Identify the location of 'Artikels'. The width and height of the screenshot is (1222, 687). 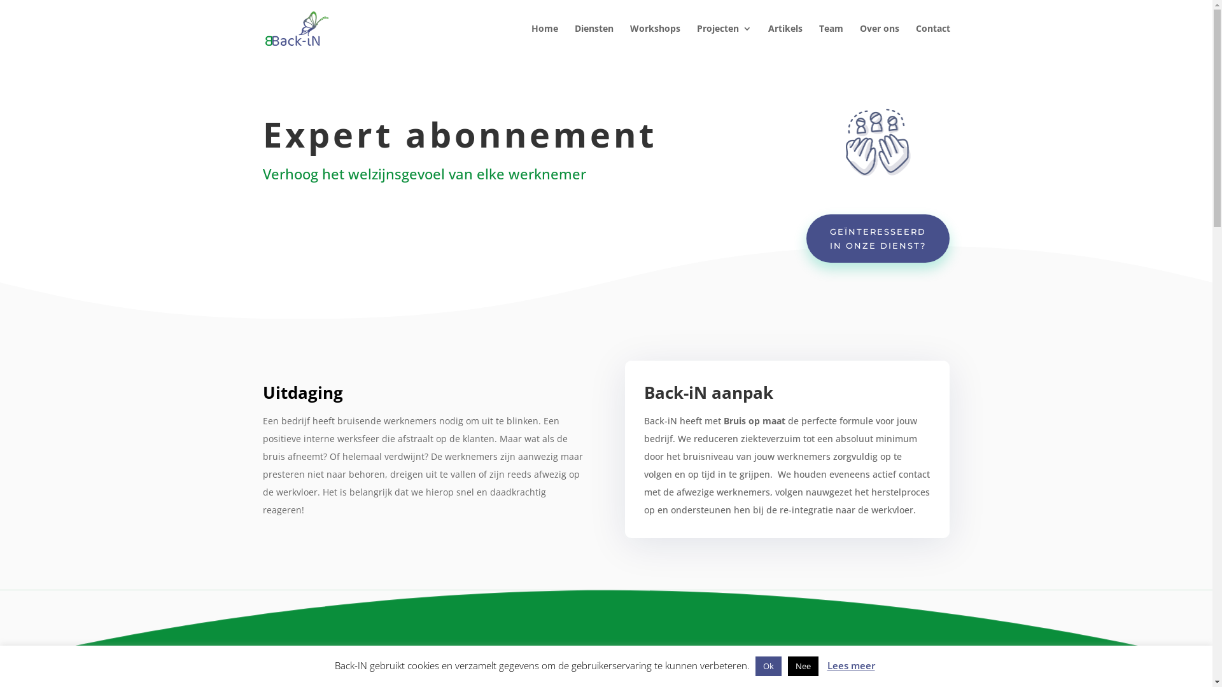
(784, 40).